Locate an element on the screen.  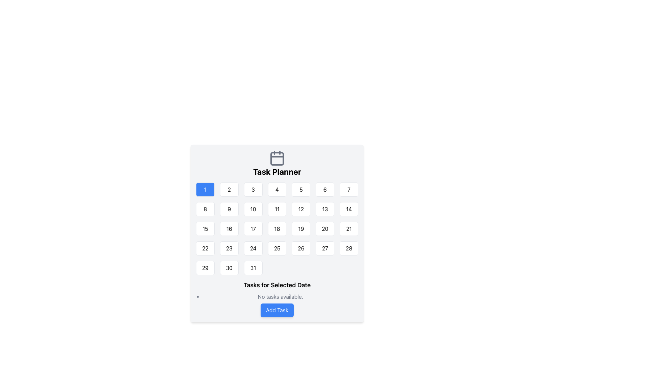
the selectable date button for the 29th day in the calendar interface is located at coordinates (205, 268).